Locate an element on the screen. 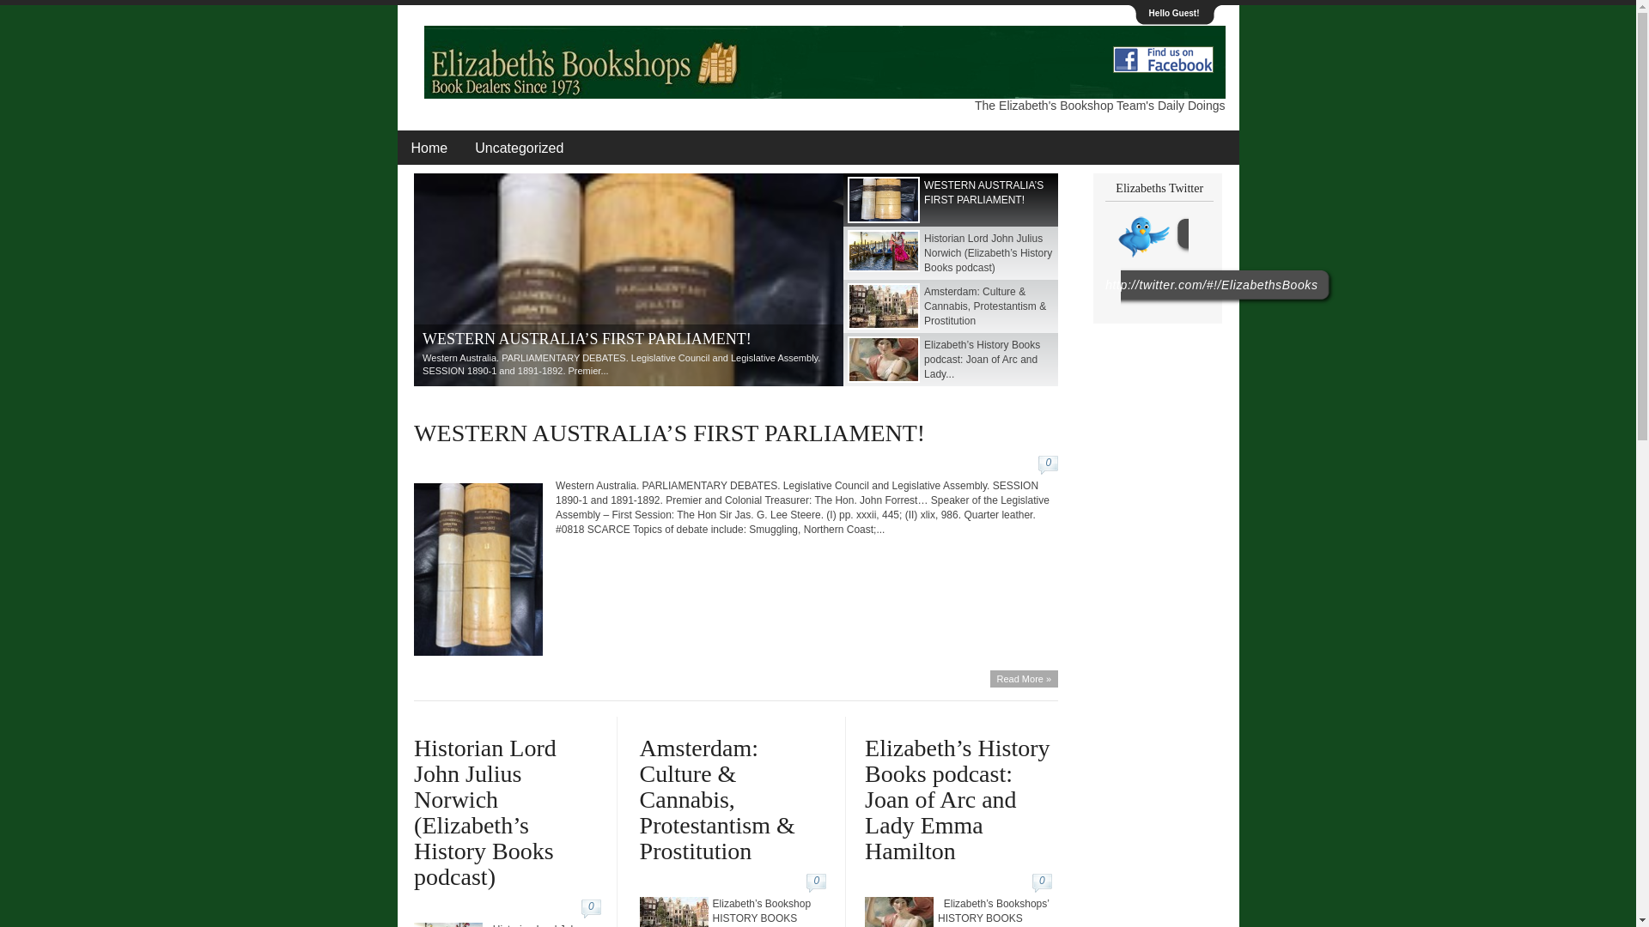 The width and height of the screenshot is (1649, 927). 'http://twitter.com/#!/ElizabethsBooks' is located at coordinates (1210, 283).